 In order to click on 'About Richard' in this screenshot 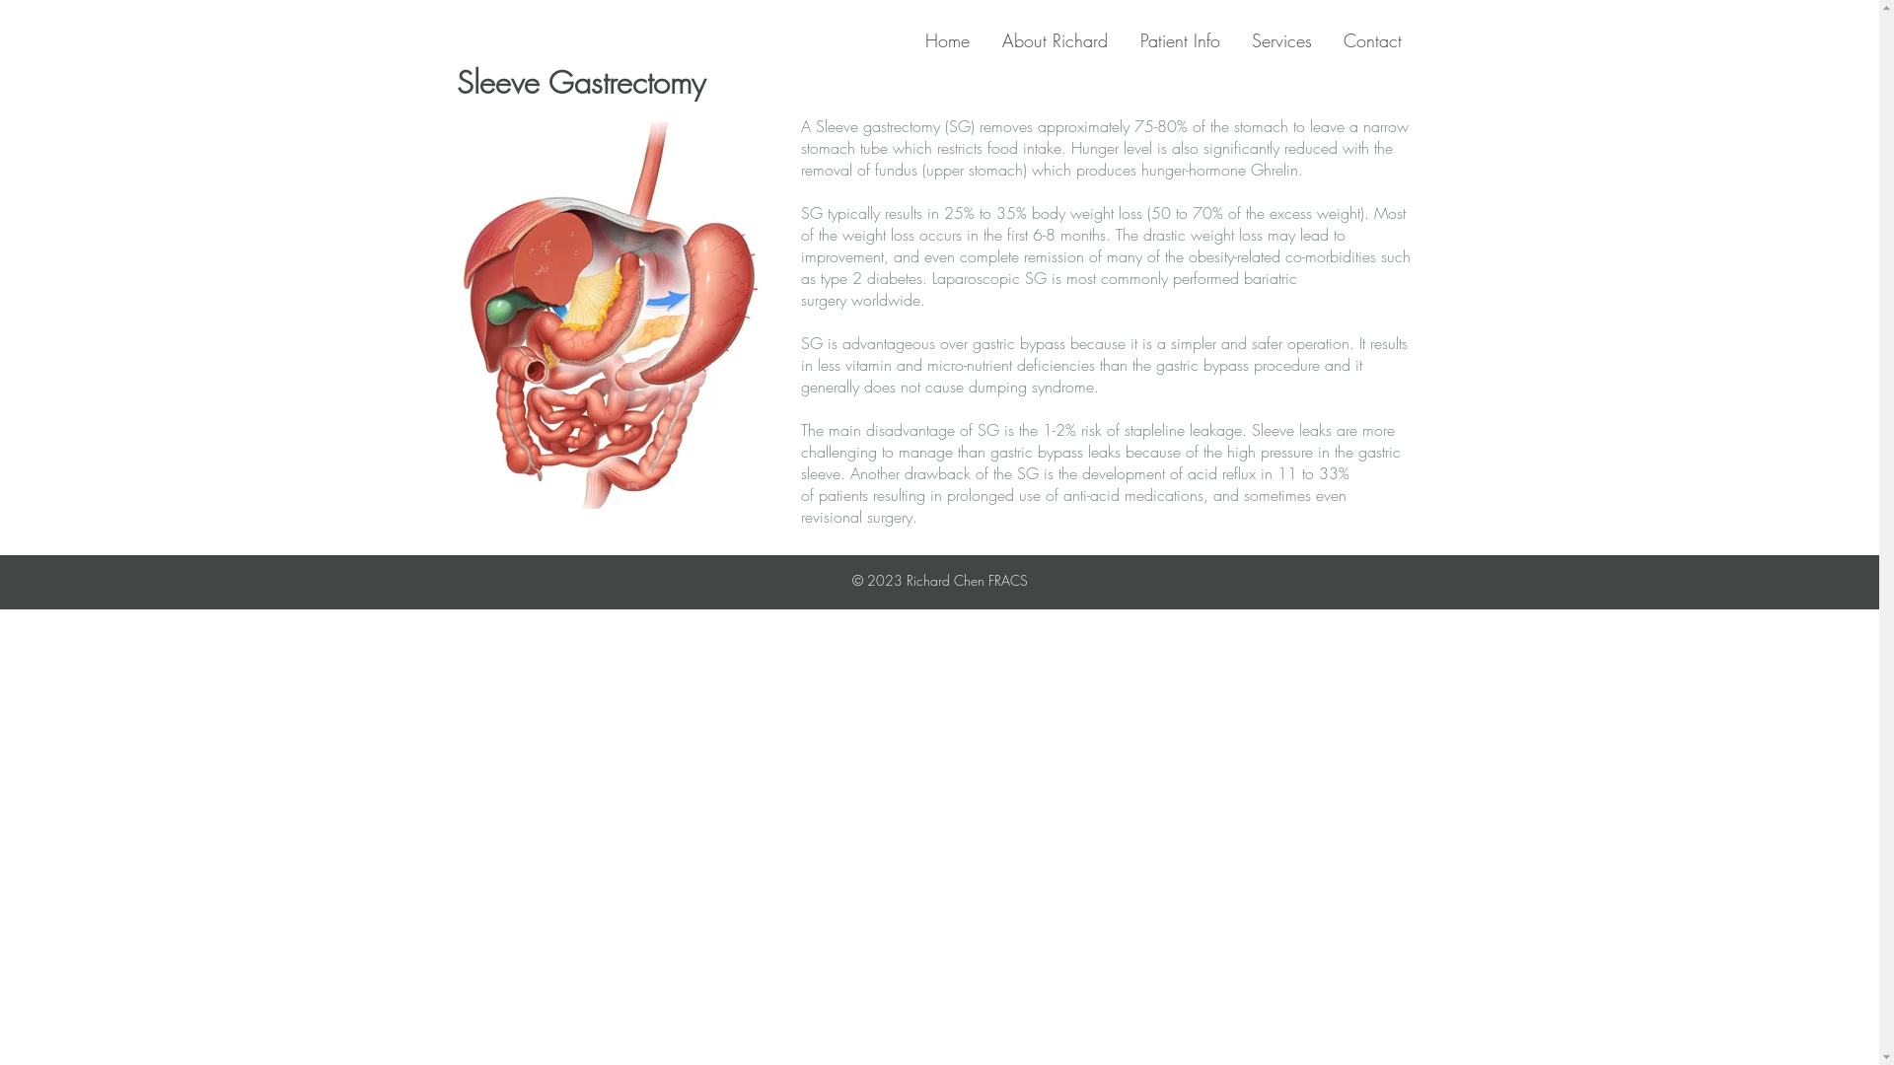, I will do `click(1059, 40)`.